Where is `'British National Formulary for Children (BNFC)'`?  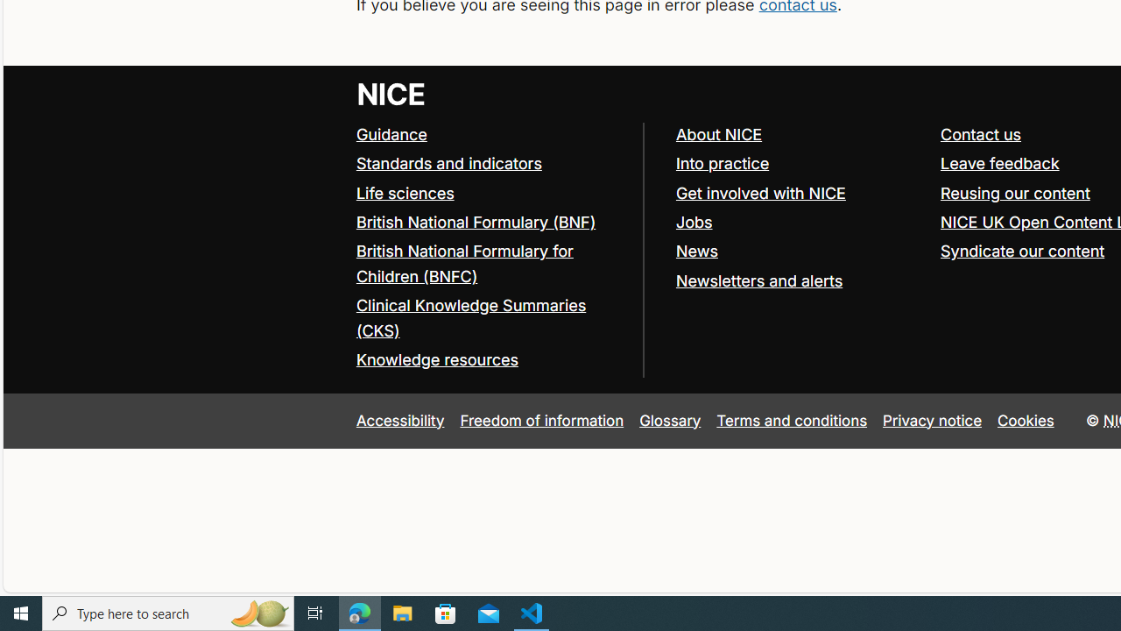
'British National Formulary for Children (BNFC)' is located at coordinates (464, 263).